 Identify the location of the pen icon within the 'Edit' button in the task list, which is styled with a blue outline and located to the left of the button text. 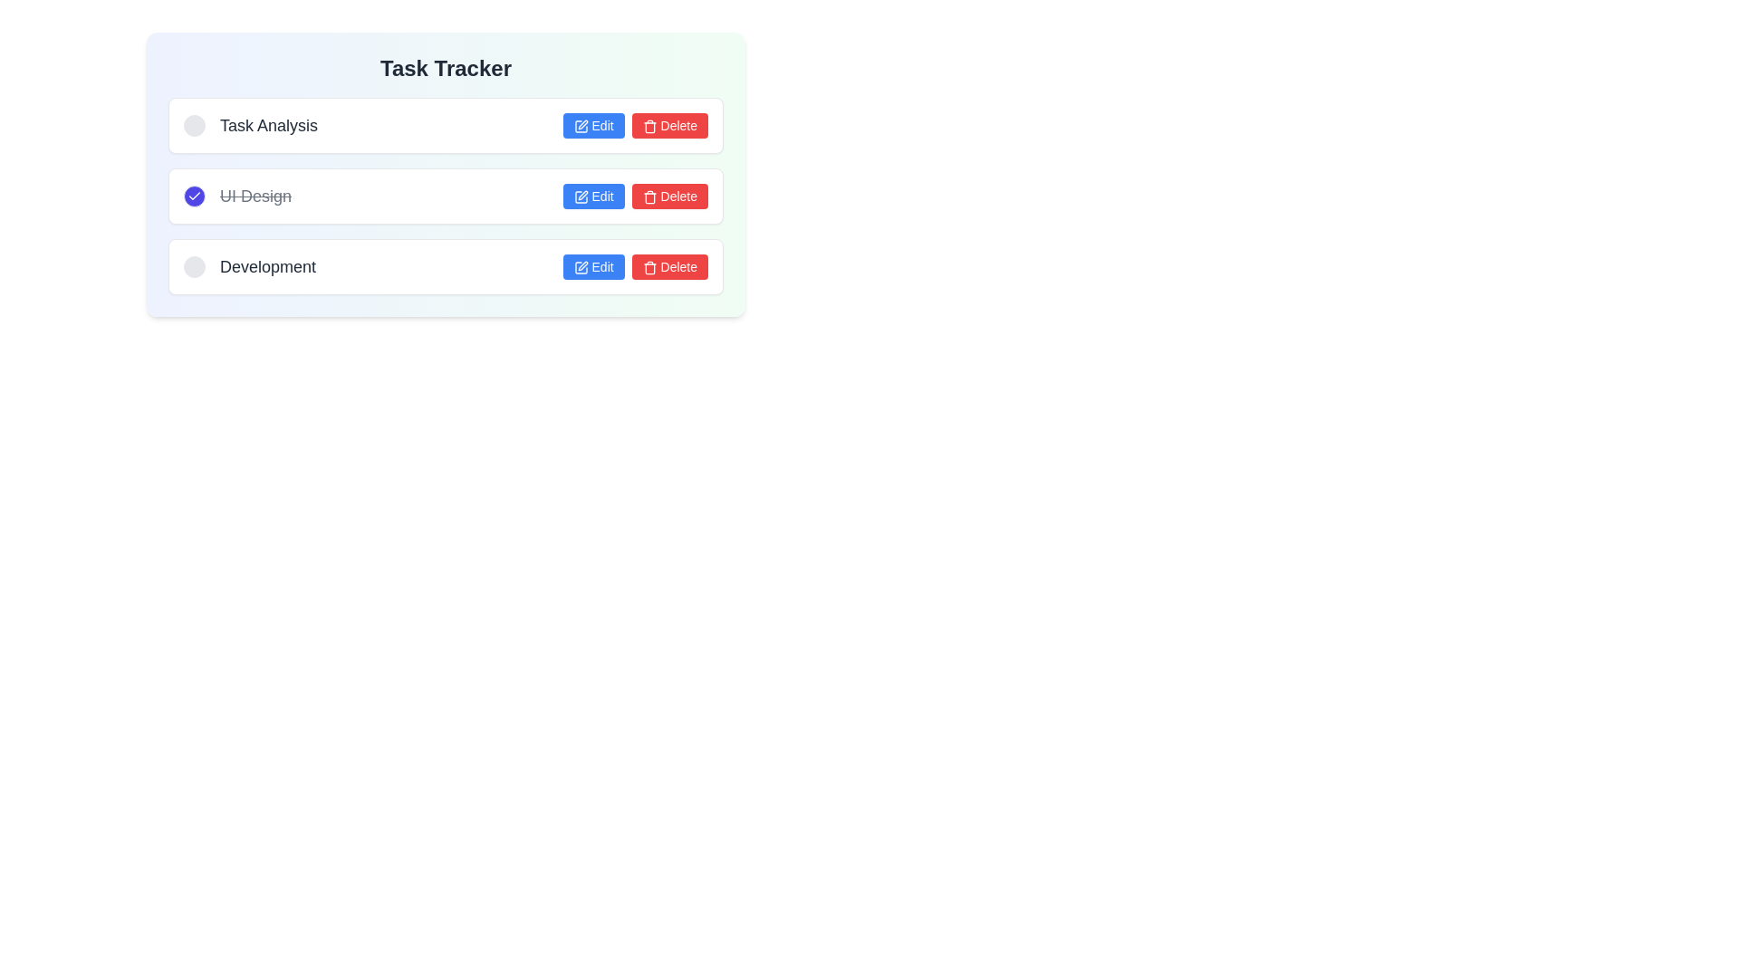
(581, 126).